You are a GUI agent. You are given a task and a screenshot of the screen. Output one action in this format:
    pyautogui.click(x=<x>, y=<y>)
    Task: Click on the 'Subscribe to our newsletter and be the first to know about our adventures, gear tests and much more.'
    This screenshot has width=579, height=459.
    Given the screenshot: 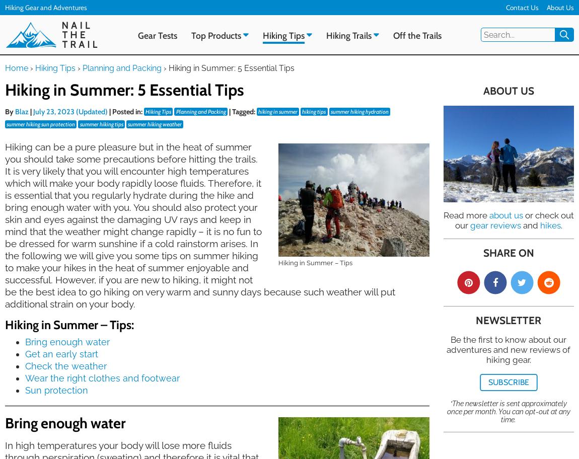 What is the action you would take?
    pyautogui.click(x=126, y=420)
    